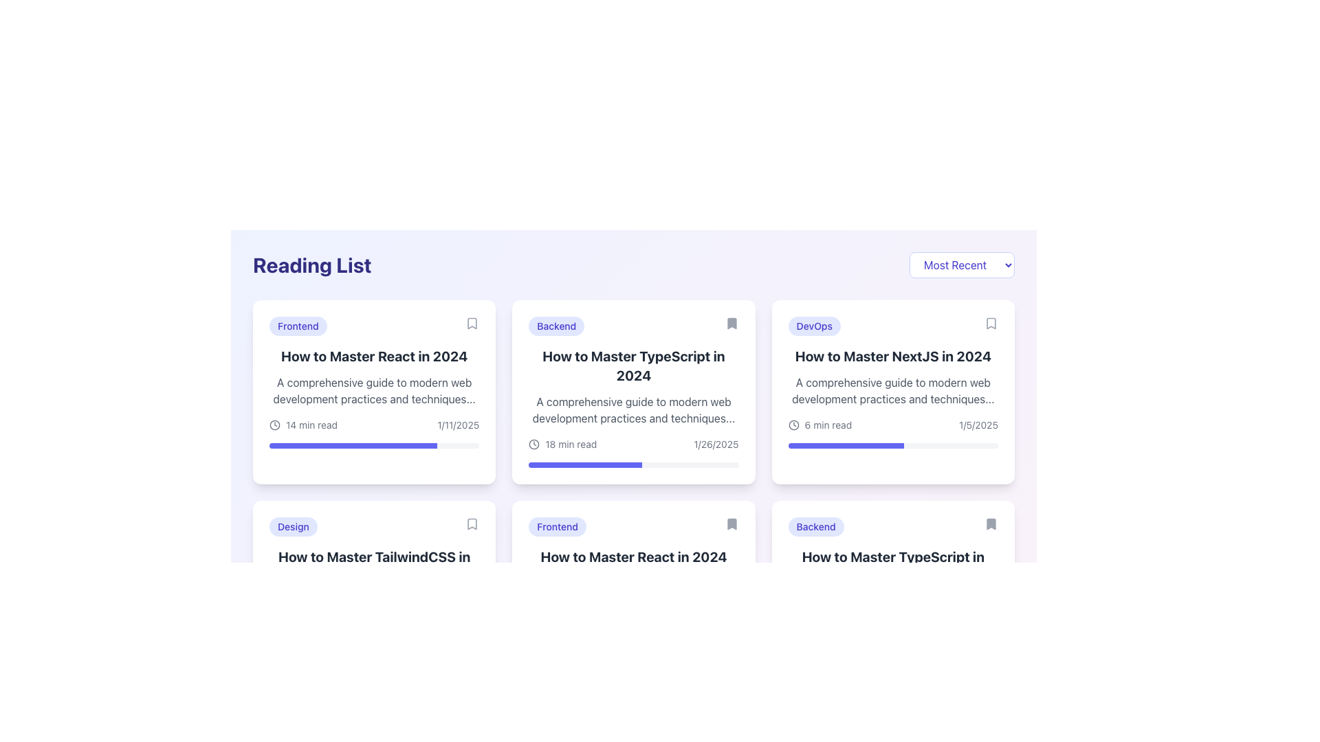 The width and height of the screenshot is (1320, 742). Describe the element at coordinates (893, 356) in the screenshot. I see `the bold, large-font text reading 'How to Master NextJS in 2024' located in the third card under the 'DevOps' tag` at that location.